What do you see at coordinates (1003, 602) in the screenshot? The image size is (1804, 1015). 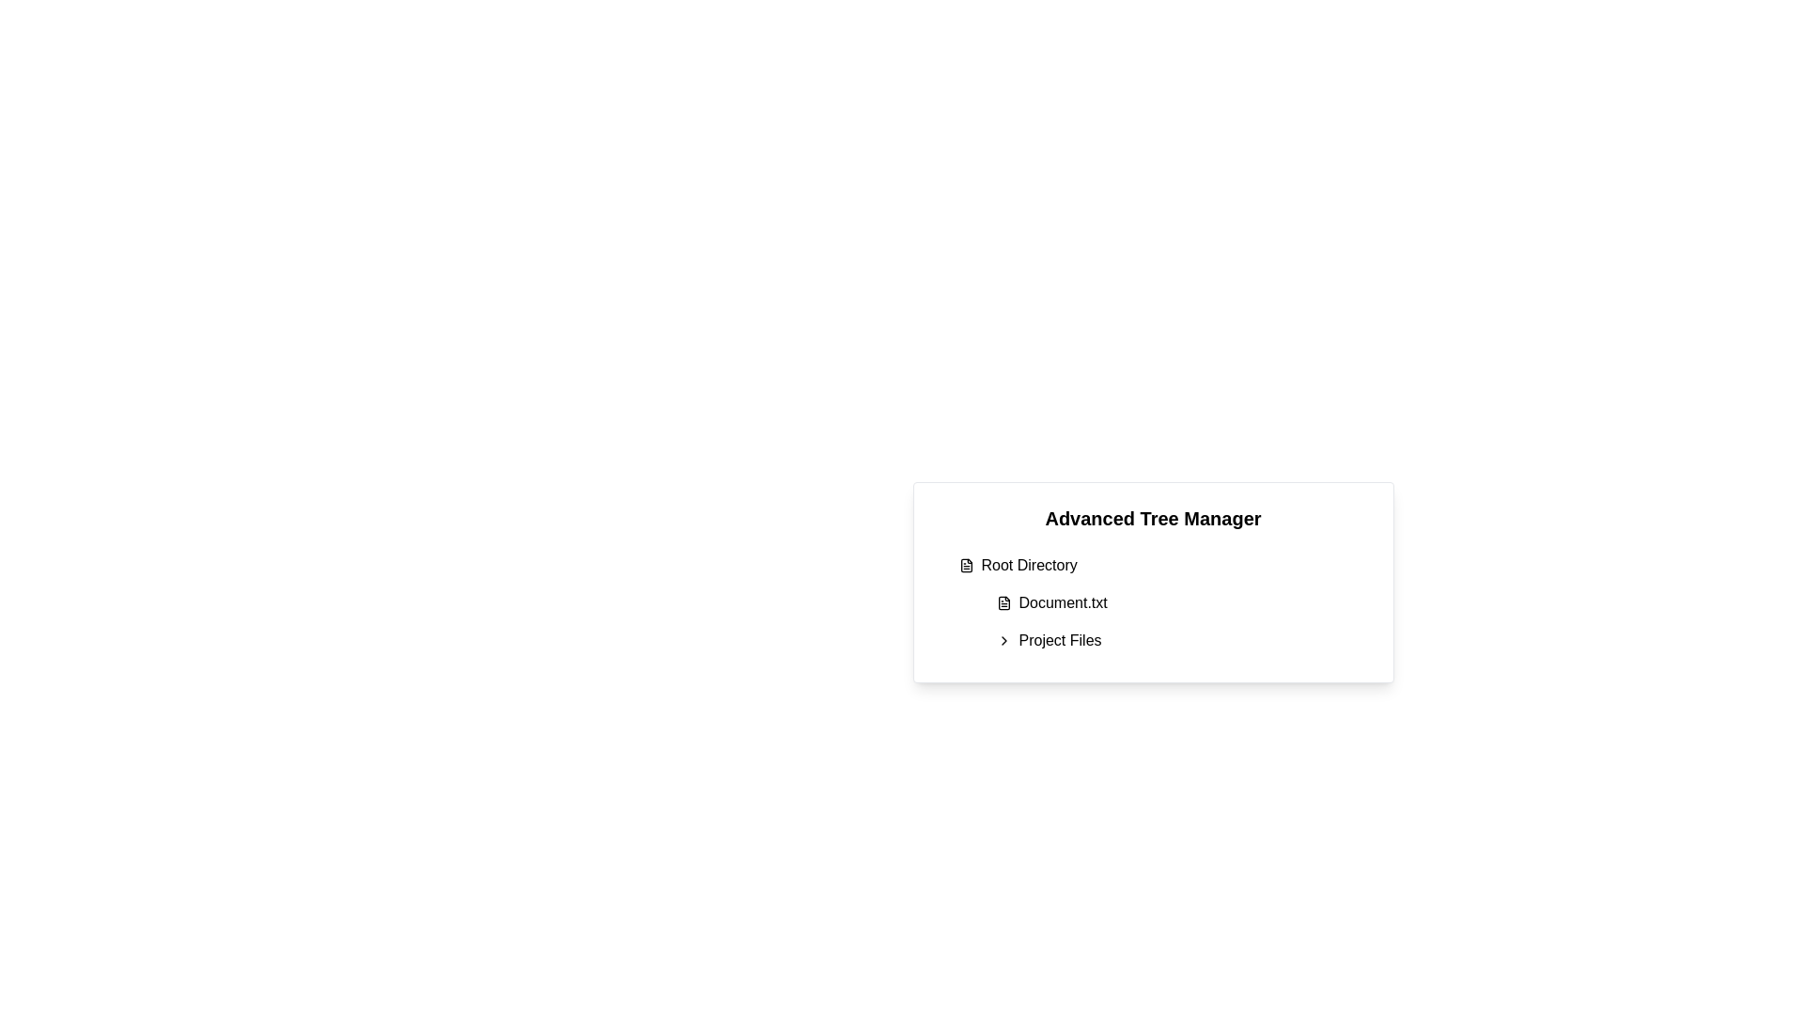 I see `the rectangular icon representing a file, styled in monochrome, located to the left of the label 'Document.txt' in the file tree interface` at bounding box center [1003, 602].